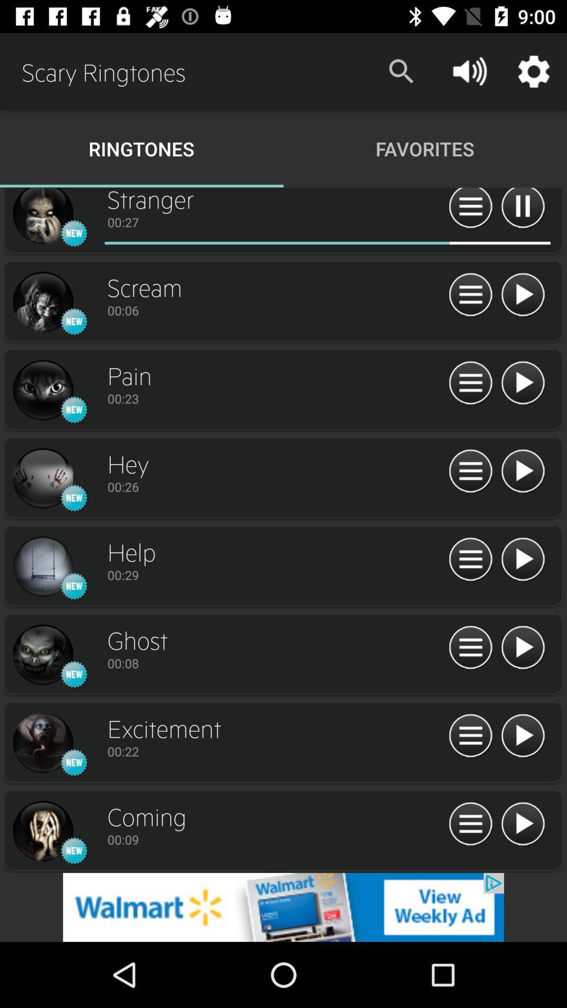  I want to click on ringtone, so click(522, 824).